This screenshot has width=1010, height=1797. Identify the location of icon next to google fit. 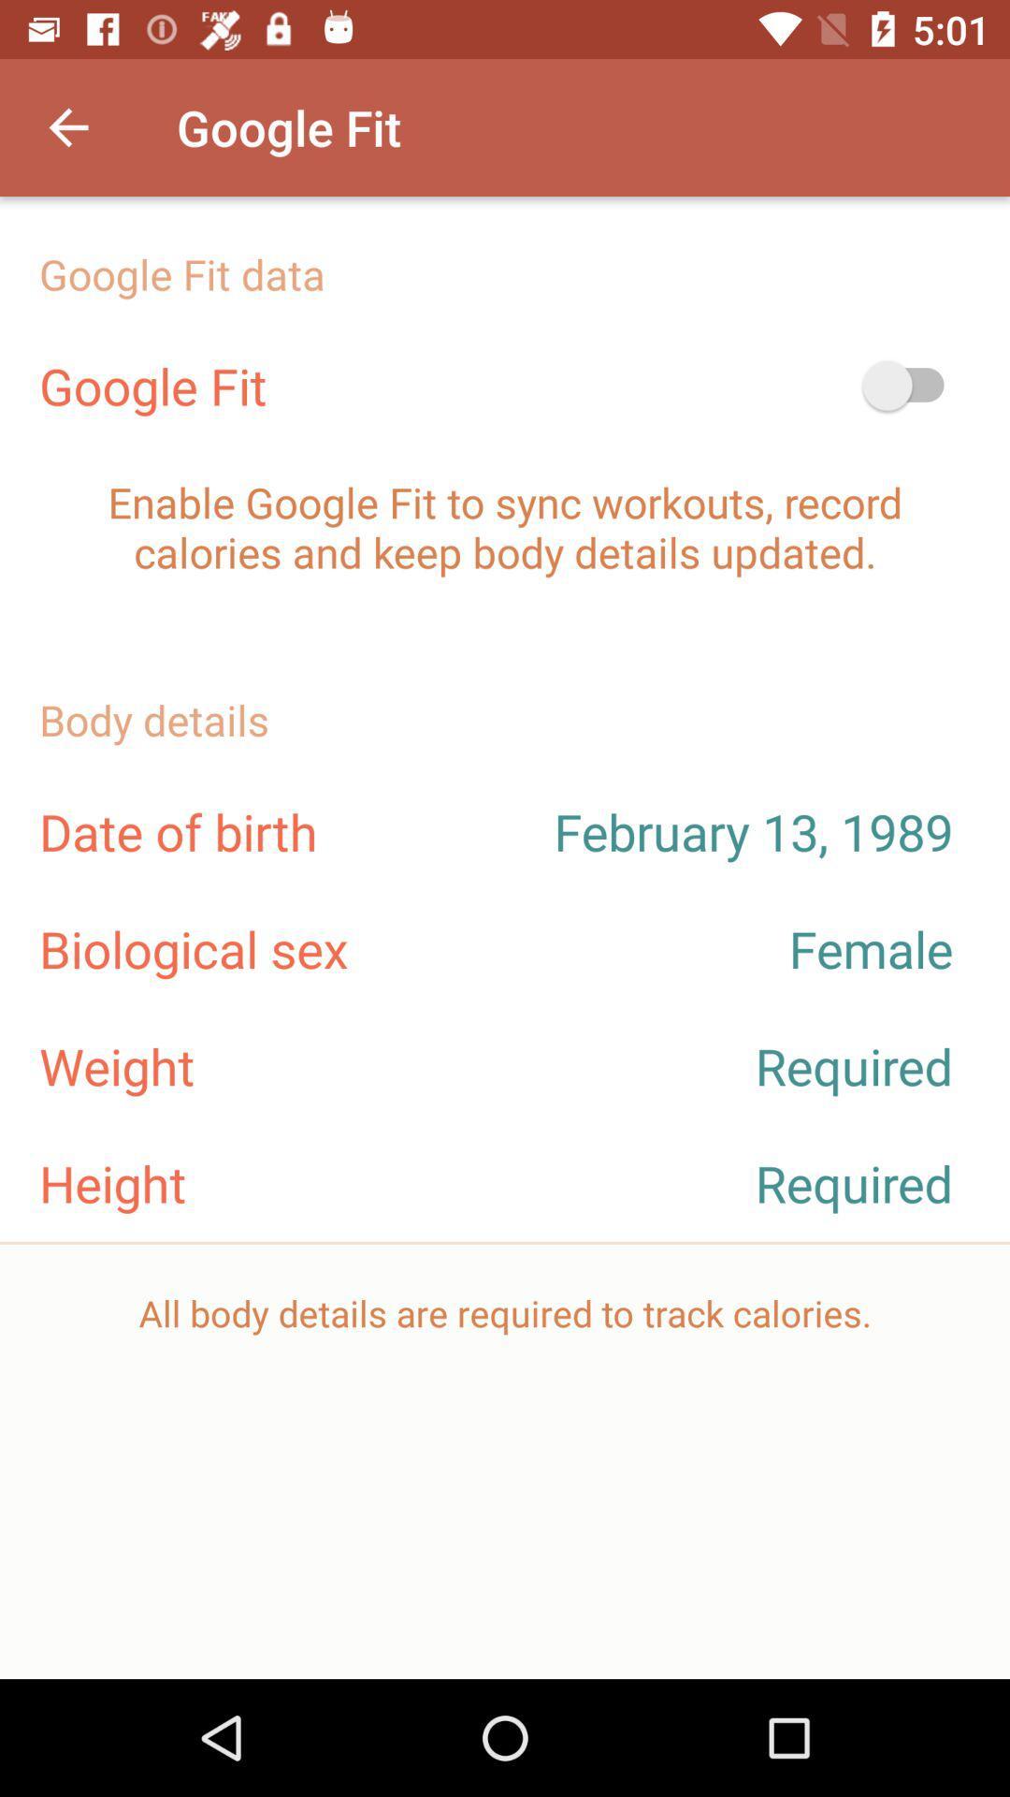
(911, 385).